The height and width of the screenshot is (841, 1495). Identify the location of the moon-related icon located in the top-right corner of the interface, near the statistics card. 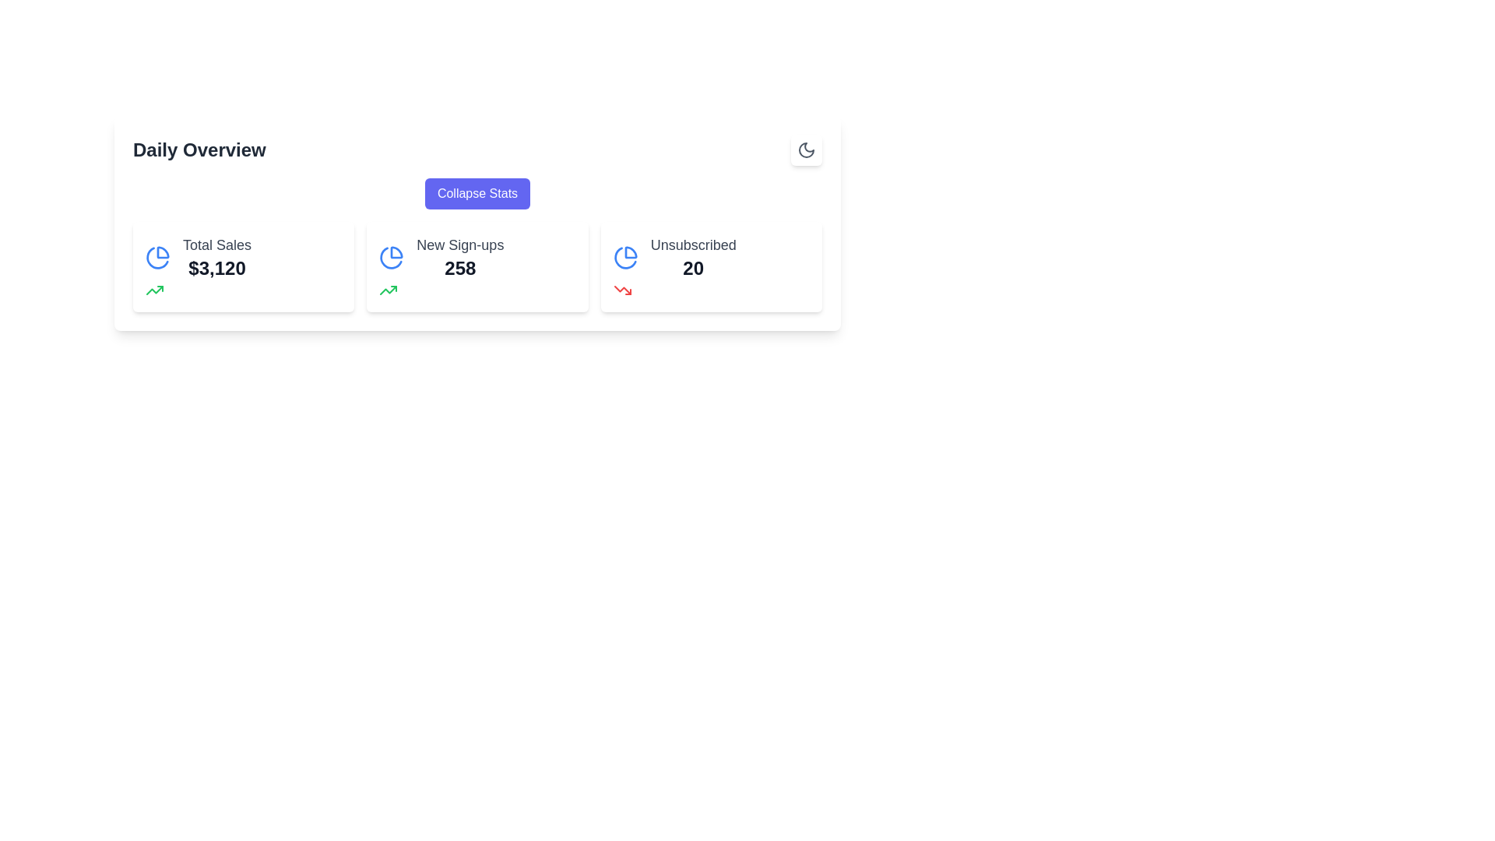
(807, 150).